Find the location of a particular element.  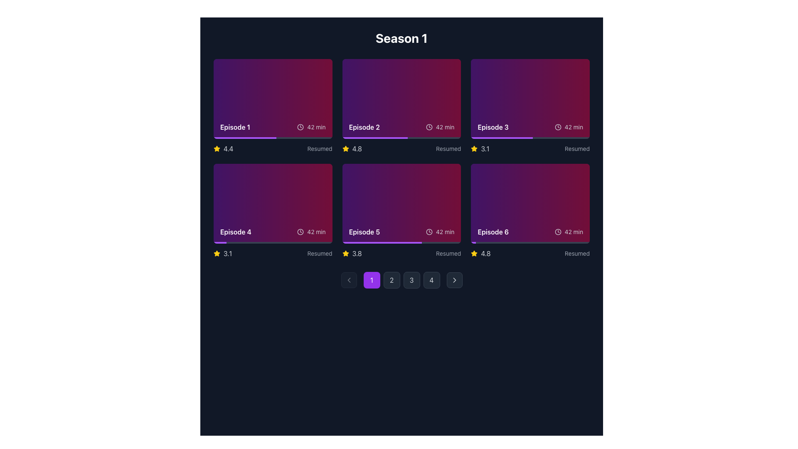

text content of the Text element indicating the duration of the episode, which is located in the bottom-right corner of the Episode 6 card, next to a clock icon is located at coordinates (573, 232).